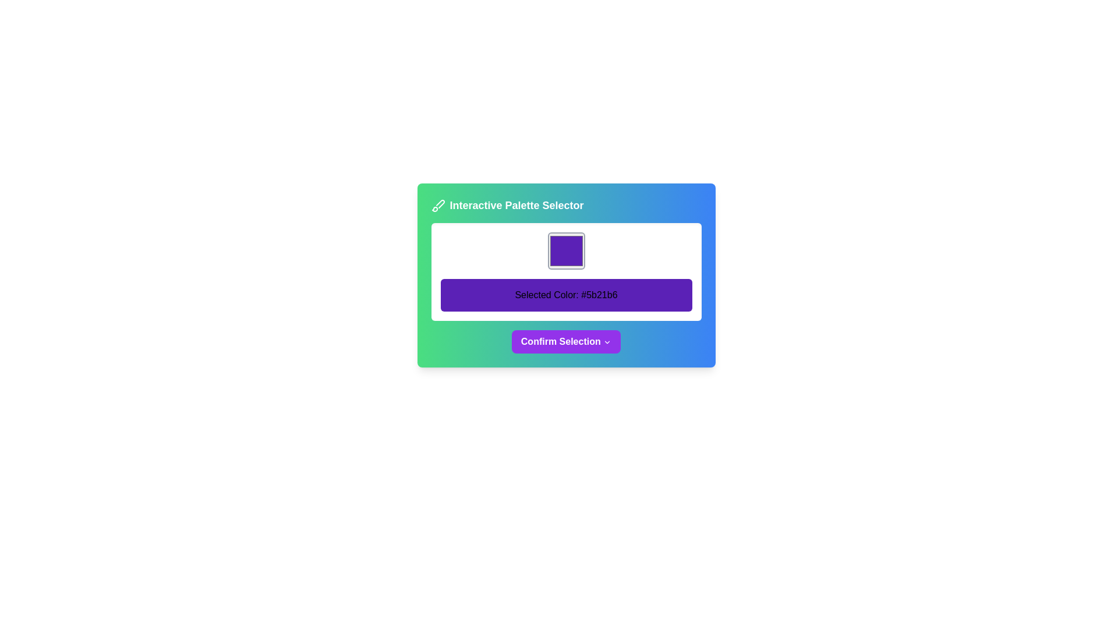 This screenshot has width=1118, height=629. I want to click on the confirm button at the bottom of the panel to trigger the scaling animation, so click(566, 341).